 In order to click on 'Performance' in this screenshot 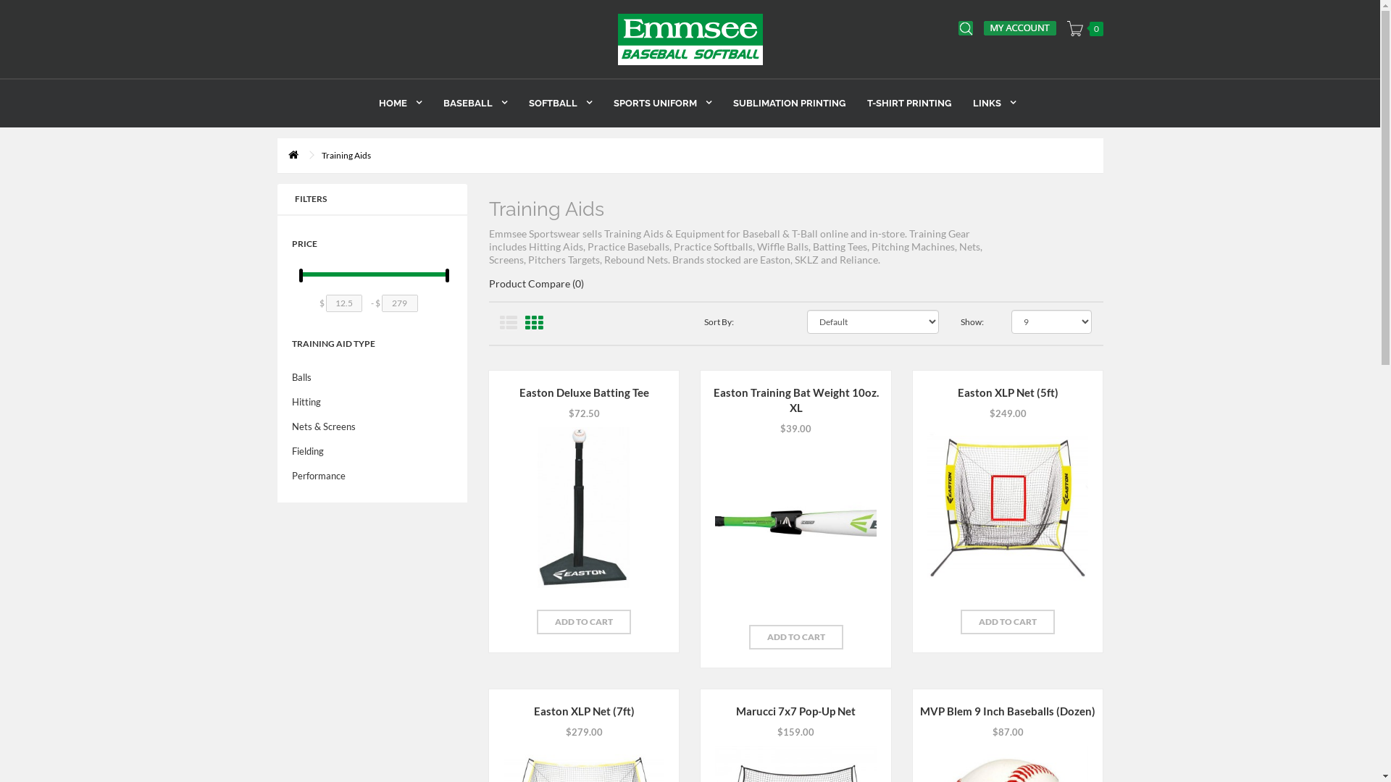, I will do `click(291, 475)`.